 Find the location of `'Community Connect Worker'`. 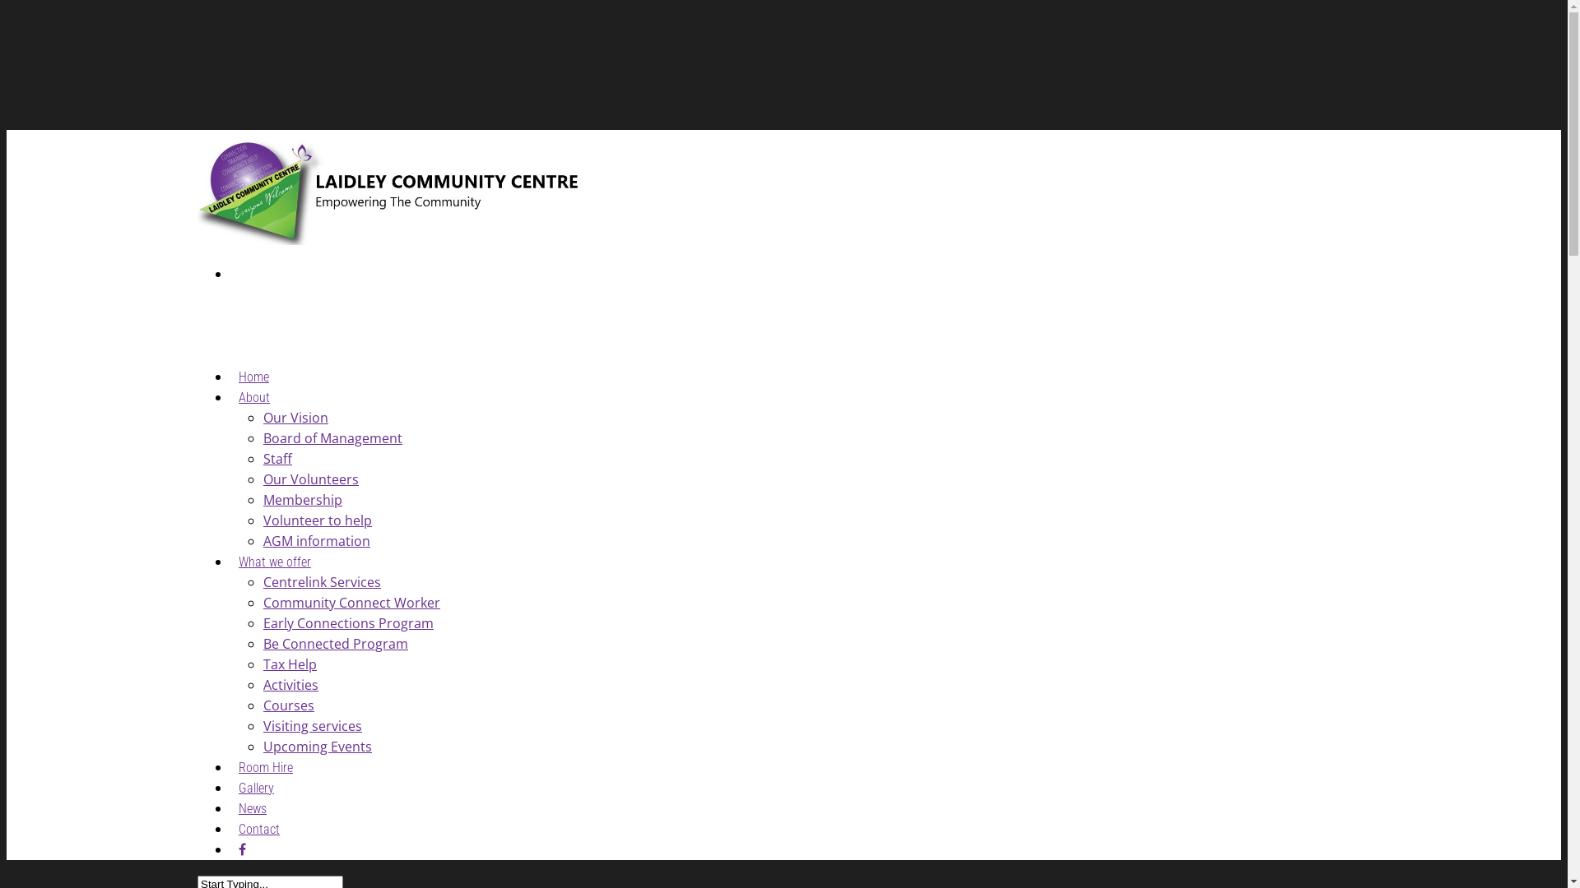

'Community Connect Worker' is located at coordinates (263, 602).